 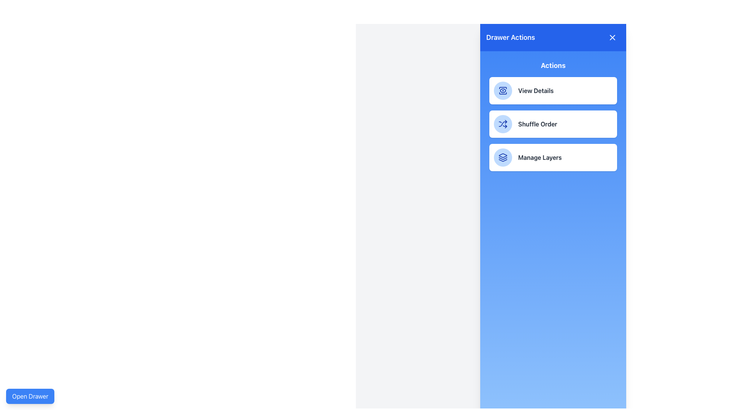 What do you see at coordinates (503, 90) in the screenshot?
I see `the circular icon button with a blue background and a white eye symbol, located at the beginning of the 'View Details' action item in the blue-themed drawer` at bounding box center [503, 90].